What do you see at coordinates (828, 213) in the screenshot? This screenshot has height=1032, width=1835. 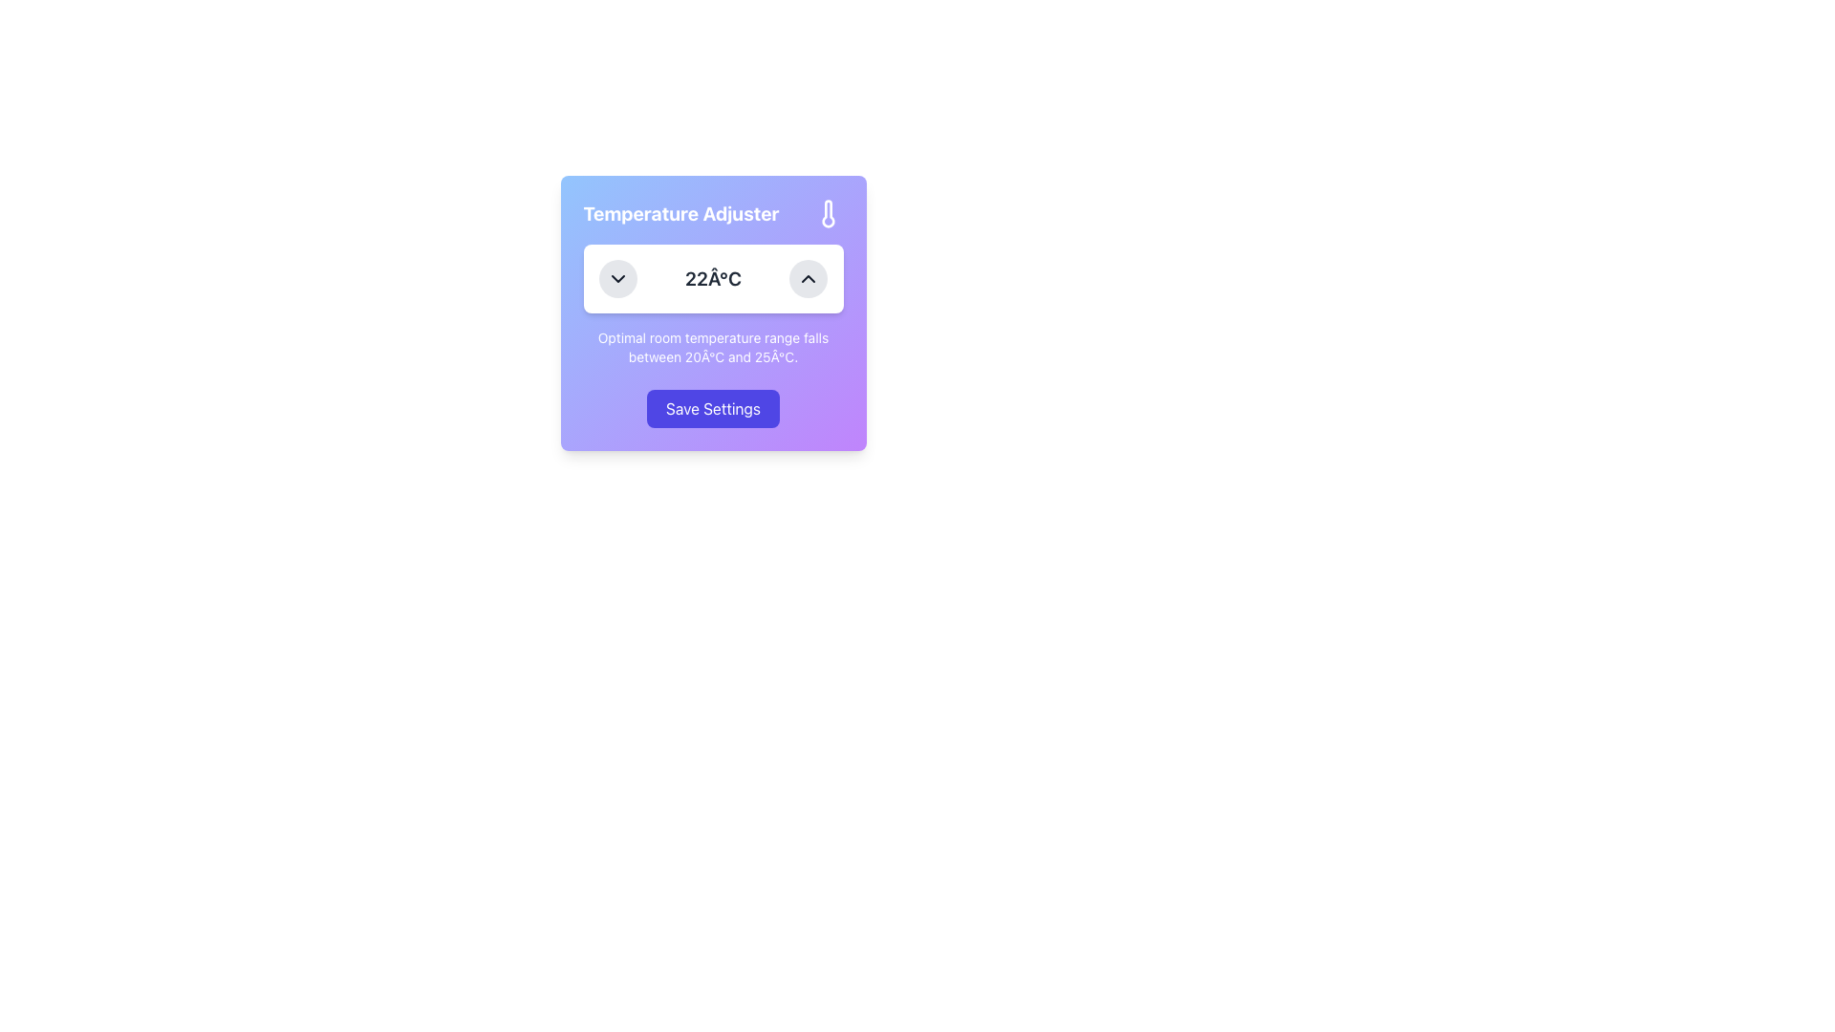 I see `the decorative graphic that represents the stem of the thermometer icon located at the top-right corner of the card component` at bounding box center [828, 213].